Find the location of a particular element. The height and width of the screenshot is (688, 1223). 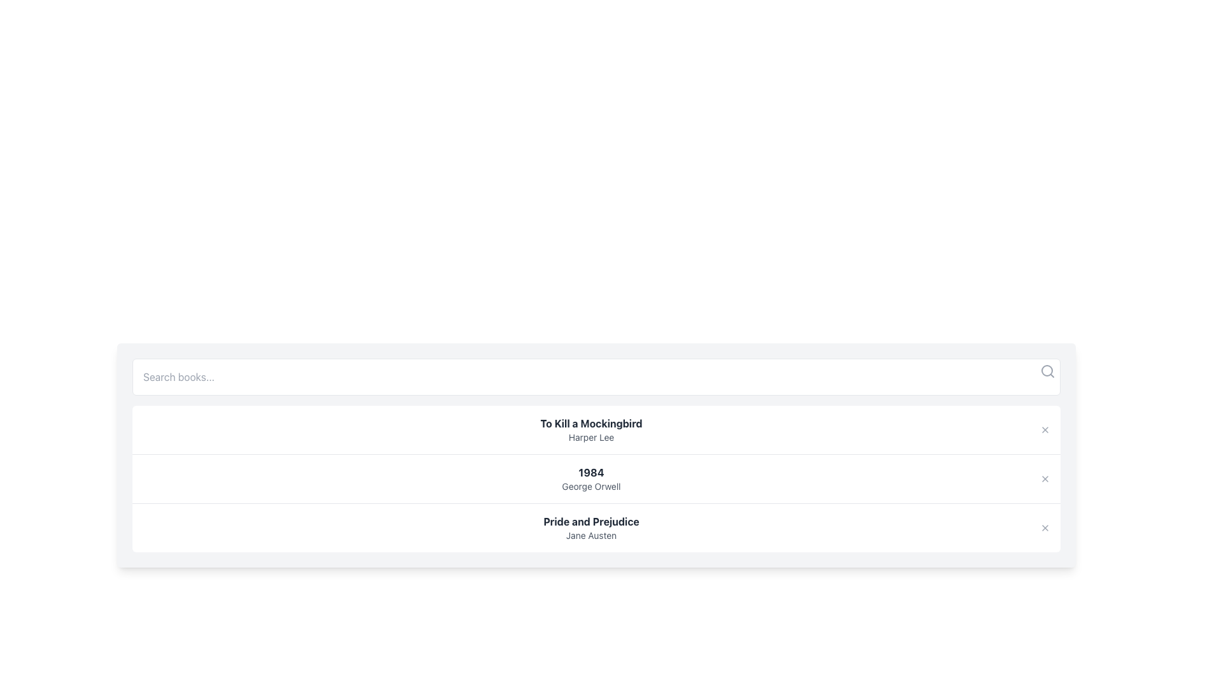

the label that provides information about the author of 'To Kill a Mockingbird', located beneath the book title in the first item of the list is located at coordinates (590, 436).